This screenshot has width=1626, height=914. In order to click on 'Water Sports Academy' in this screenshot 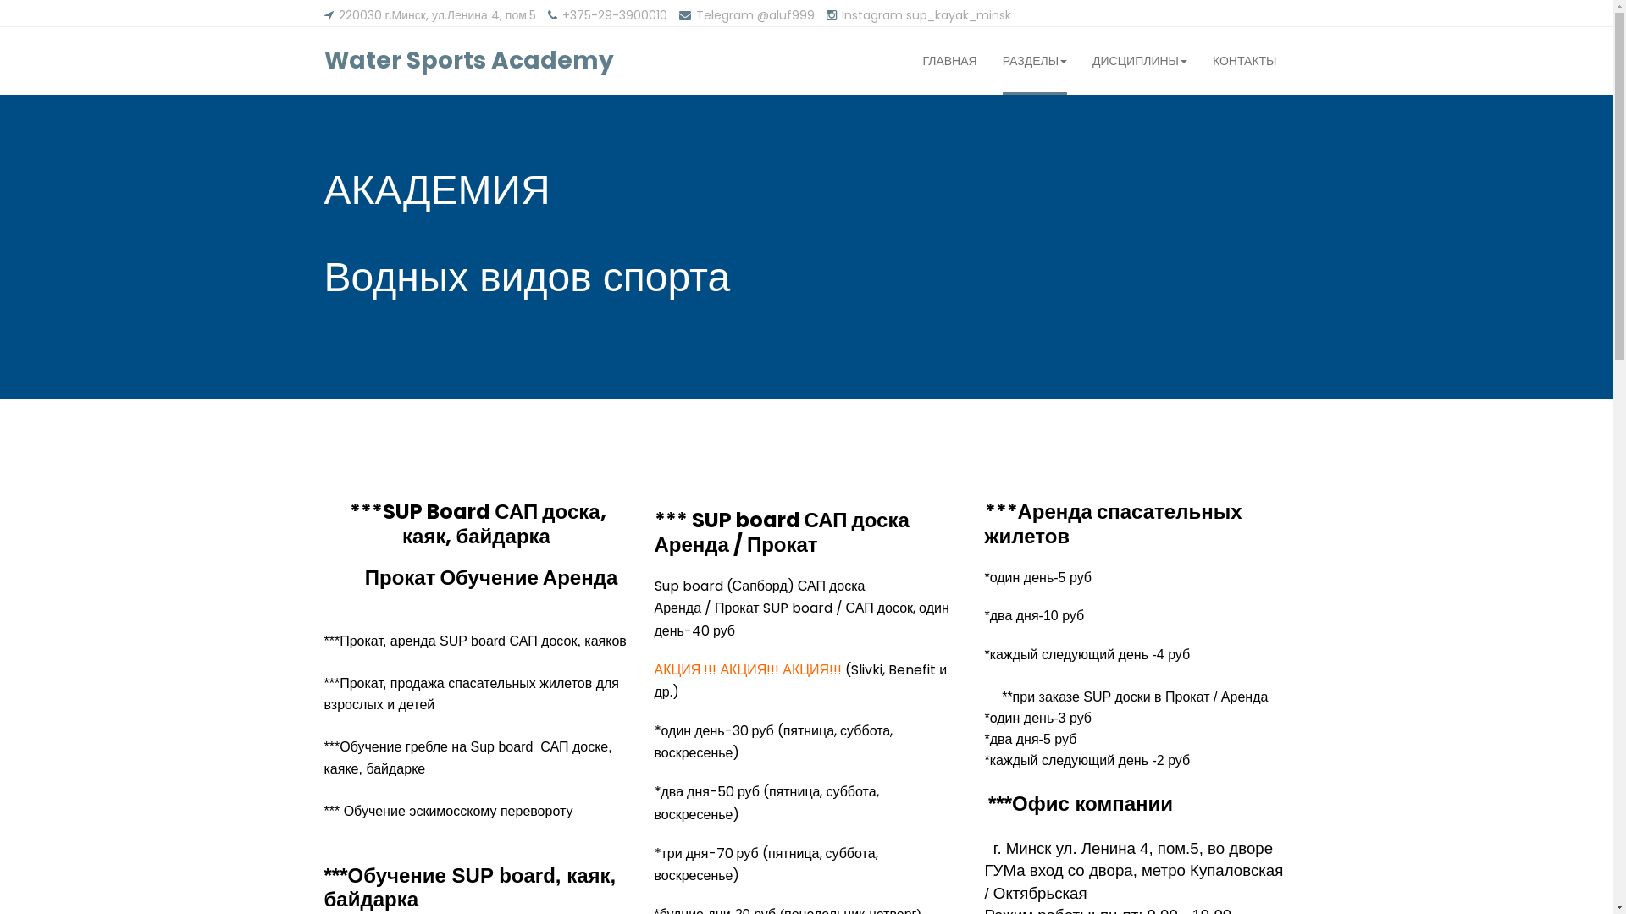, I will do `click(467, 60)`.